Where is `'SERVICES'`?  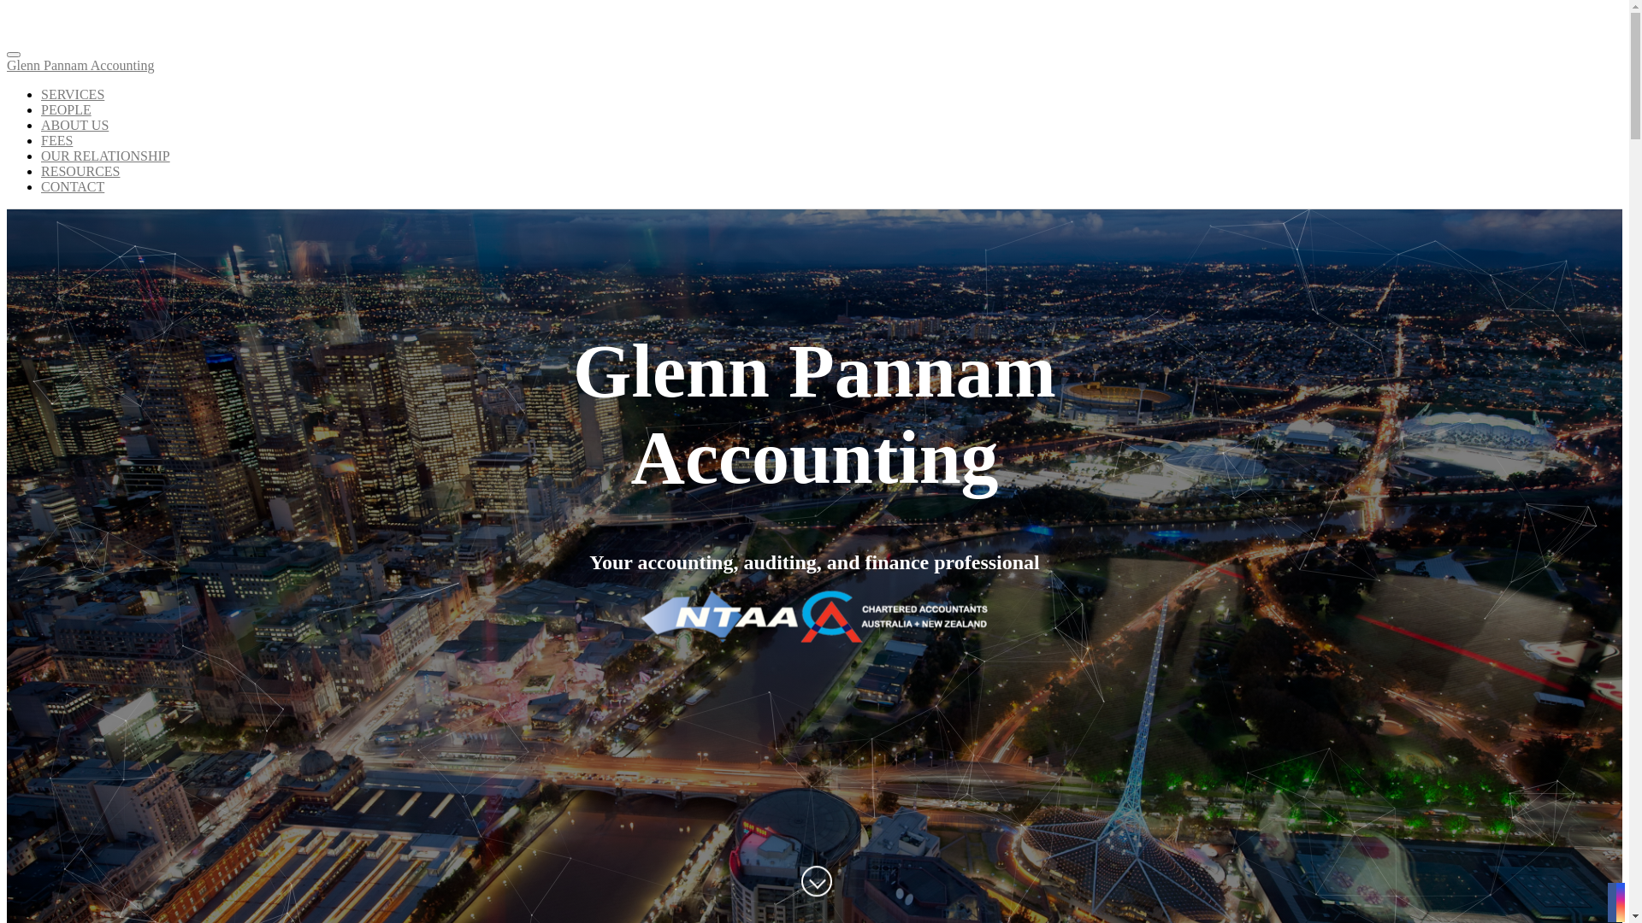 'SERVICES' is located at coordinates (72, 94).